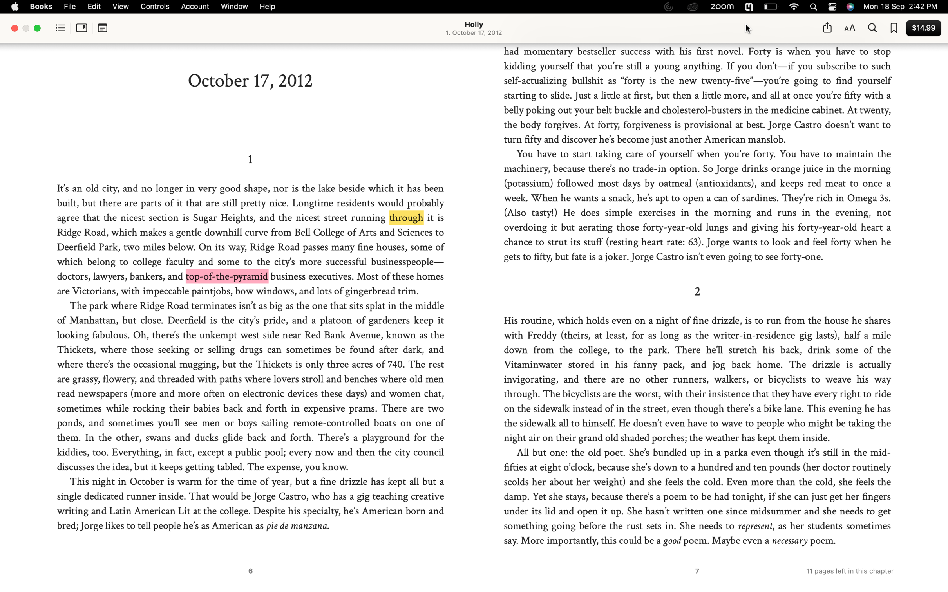 Image resolution: width=948 pixels, height=592 pixels. What do you see at coordinates (827, 27) in the screenshot?
I see `Share the current page on social media "Facebook` at bounding box center [827, 27].